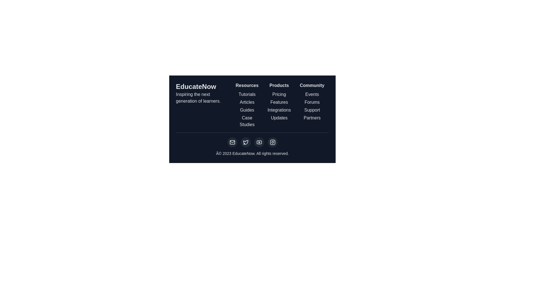  What do you see at coordinates (312, 94) in the screenshot?
I see `the 'Events' text label in the Community section of the footer` at bounding box center [312, 94].